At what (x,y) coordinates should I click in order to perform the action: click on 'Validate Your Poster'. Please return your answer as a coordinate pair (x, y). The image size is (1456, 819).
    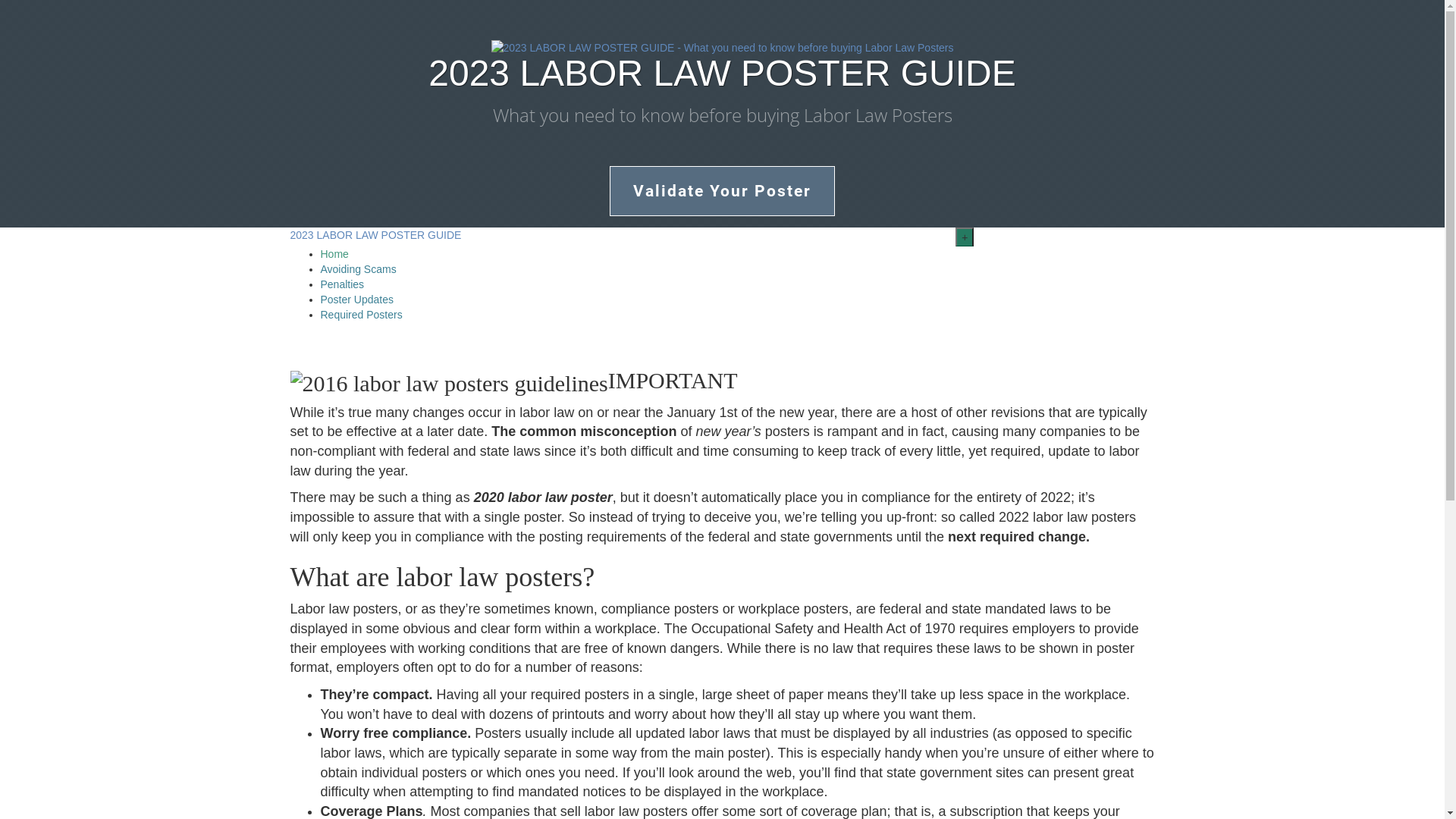
    Looking at the image, I should click on (721, 189).